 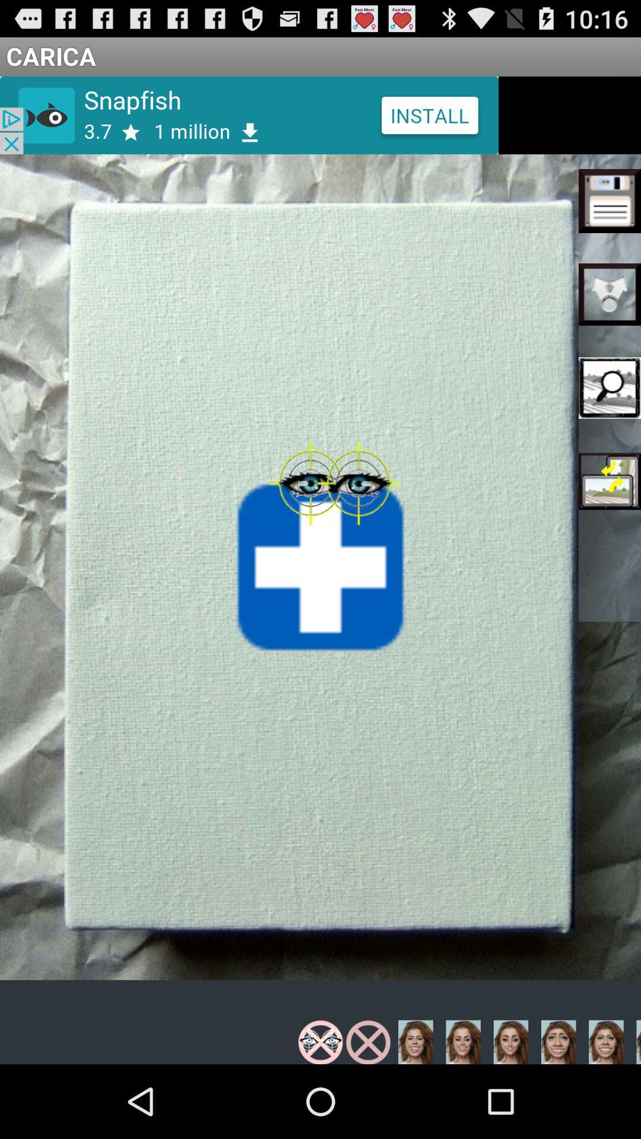 I want to click on first option in the right, so click(x=610, y=201).